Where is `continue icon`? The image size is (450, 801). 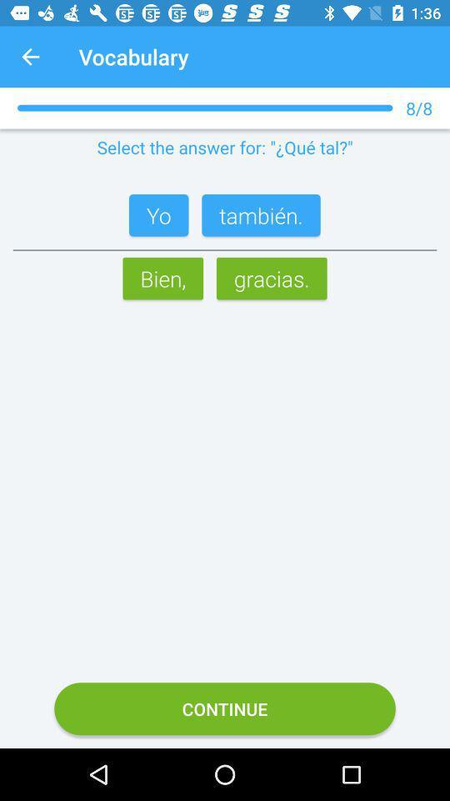 continue icon is located at coordinates (225, 708).